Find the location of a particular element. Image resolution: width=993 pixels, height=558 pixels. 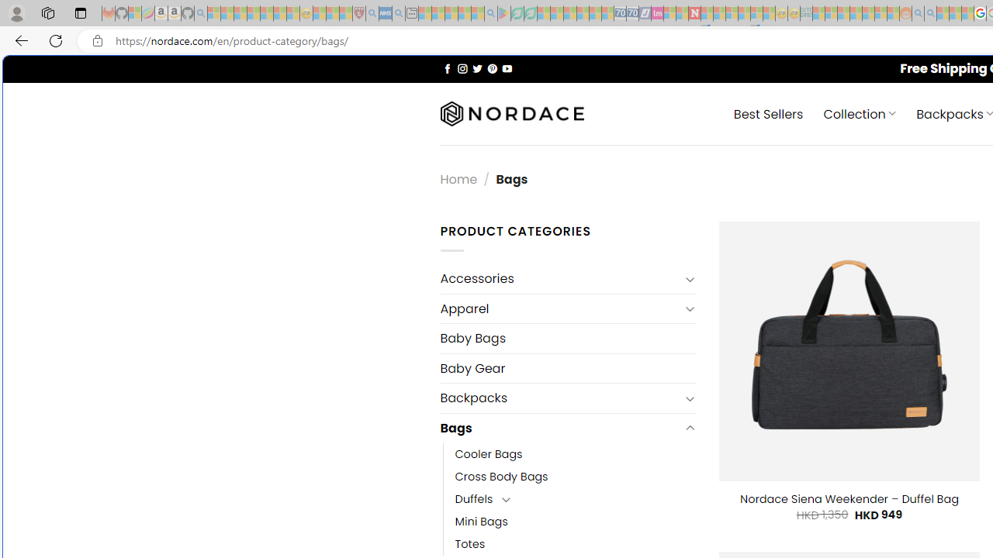

'Follow on YouTube' is located at coordinates (507, 67).